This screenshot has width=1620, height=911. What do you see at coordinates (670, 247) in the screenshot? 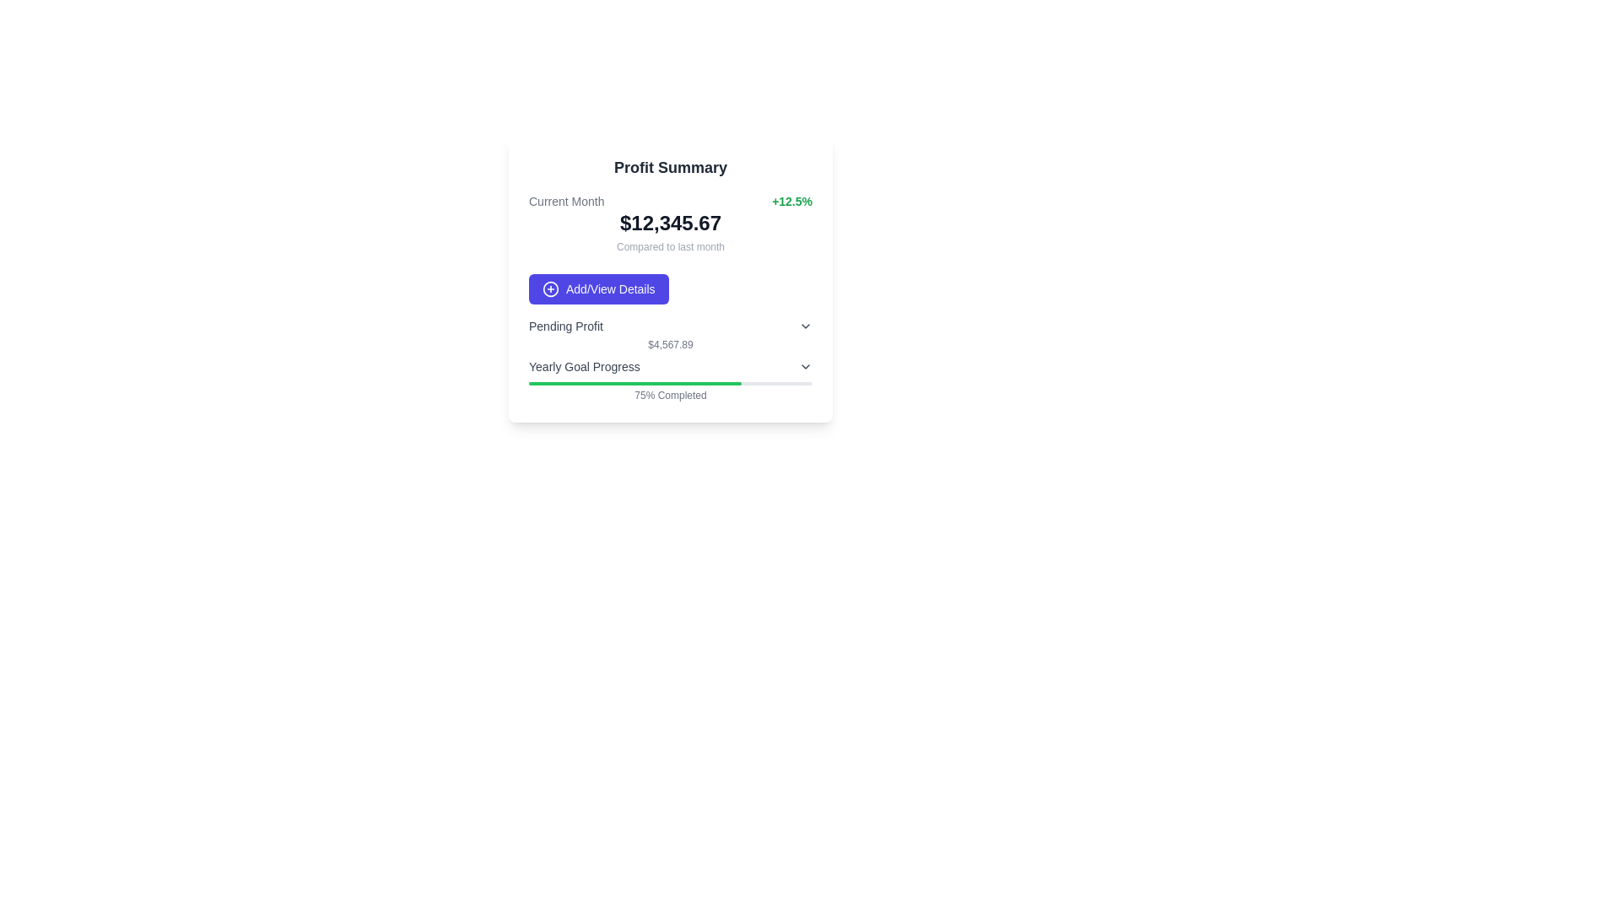
I see `the text label that reads 'Compared to last month', which is a small light gray caption located below the numerical value '$12,345.67' in the financial summary section` at bounding box center [670, 247].